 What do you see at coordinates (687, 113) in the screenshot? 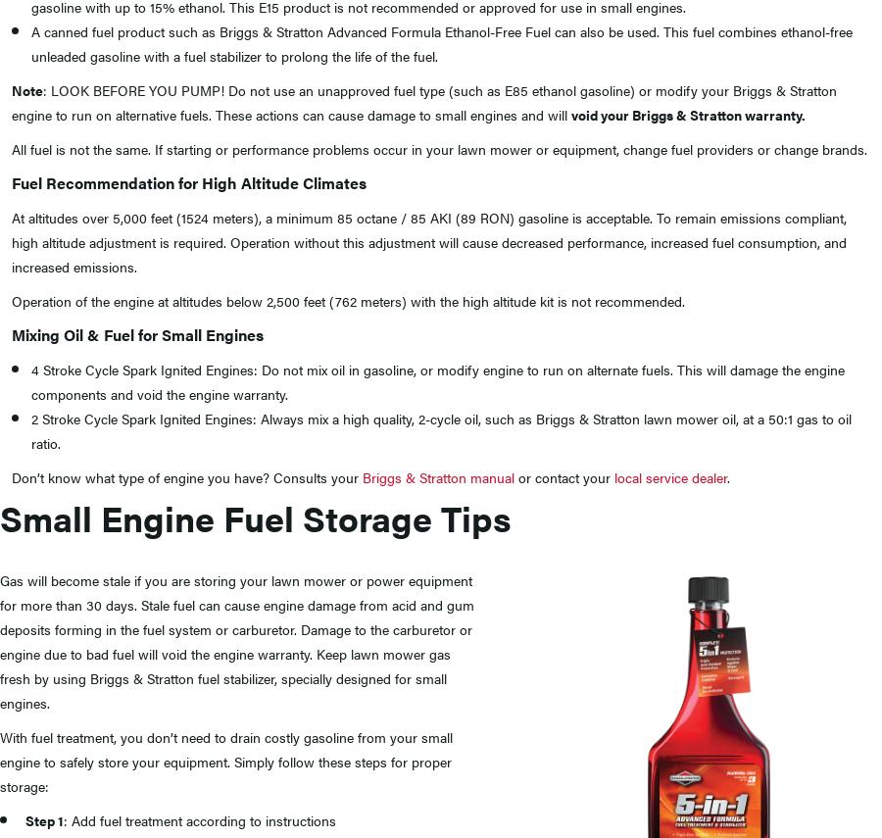
I see `'void your Briggs & Stratton warranty.'` at bounding box center [687, 113].